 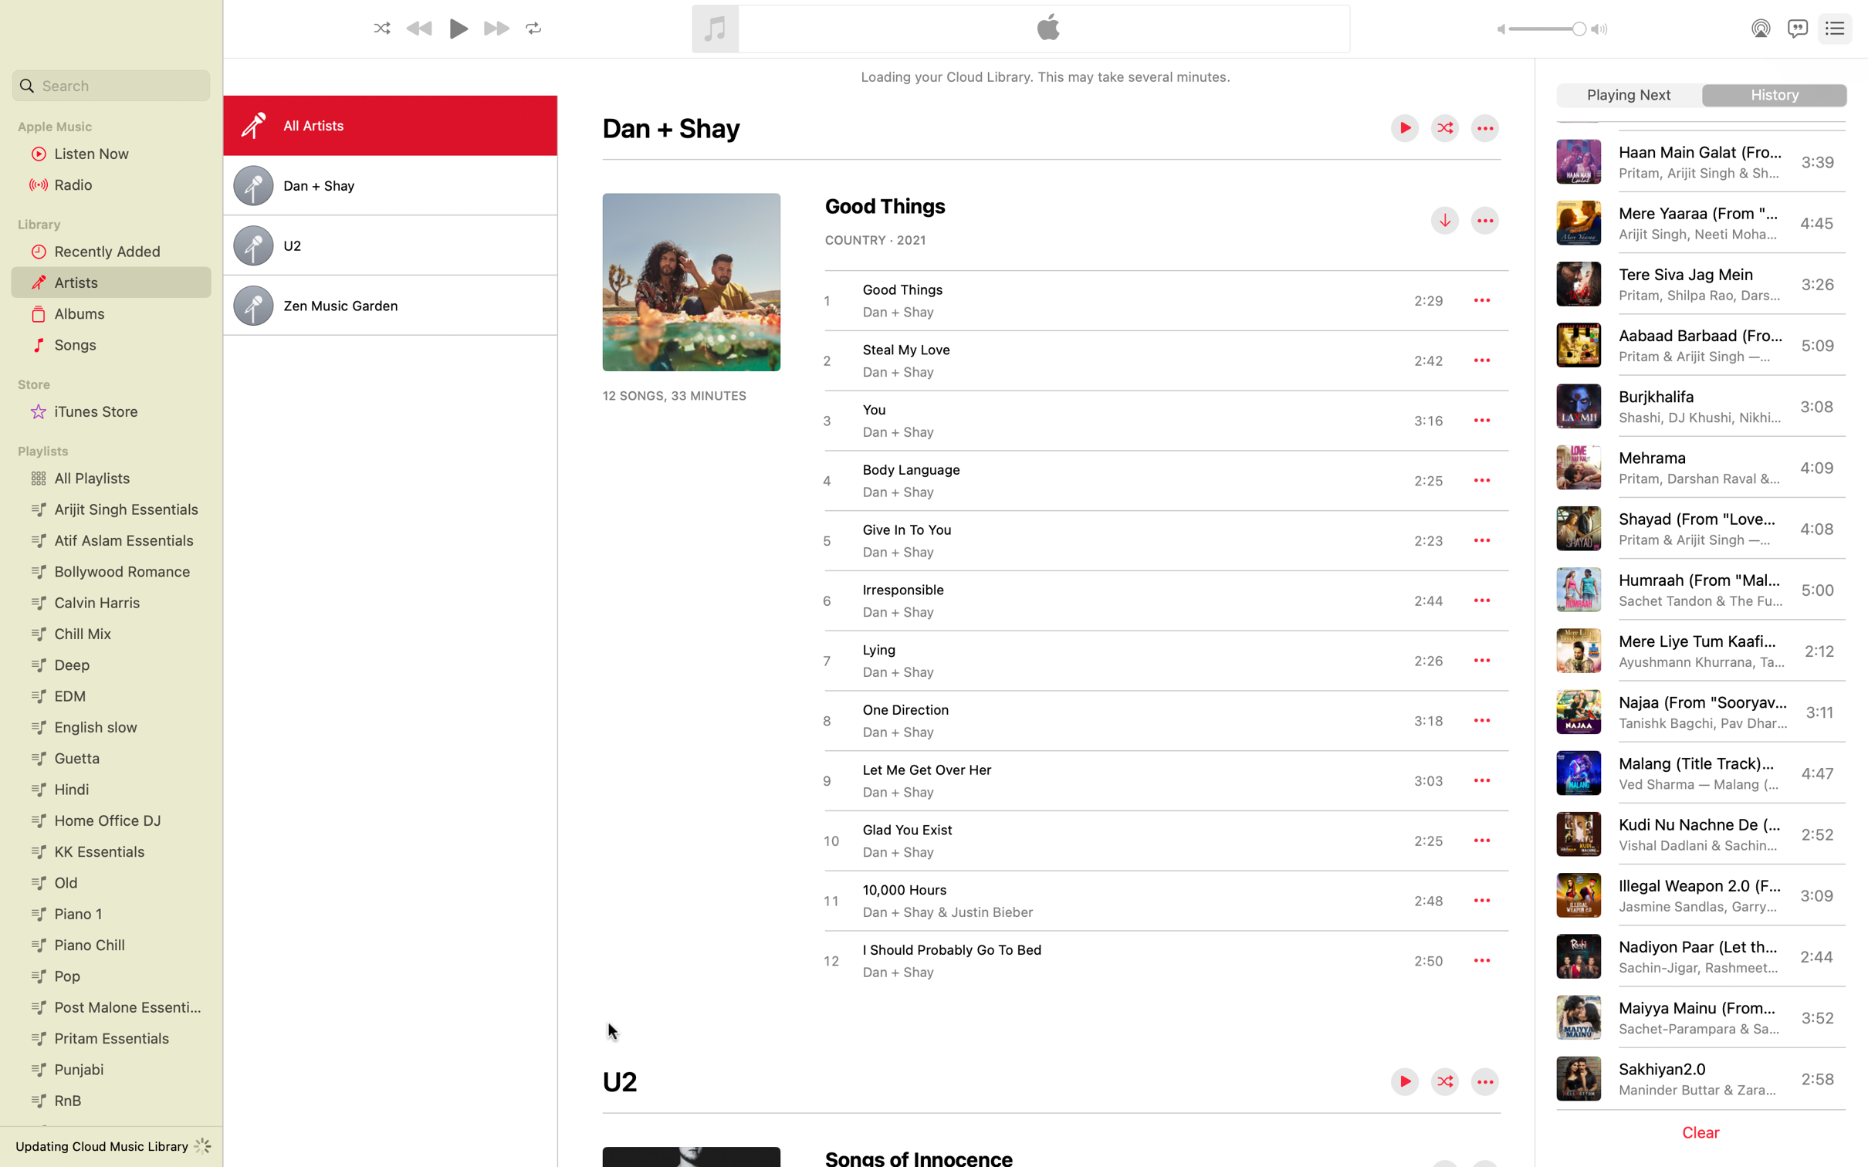 What do you see at coordinates (1482, 540) in the screenshot?
I see `the additional settings for the track "Give In To You` at bounding box center [1482, 540].